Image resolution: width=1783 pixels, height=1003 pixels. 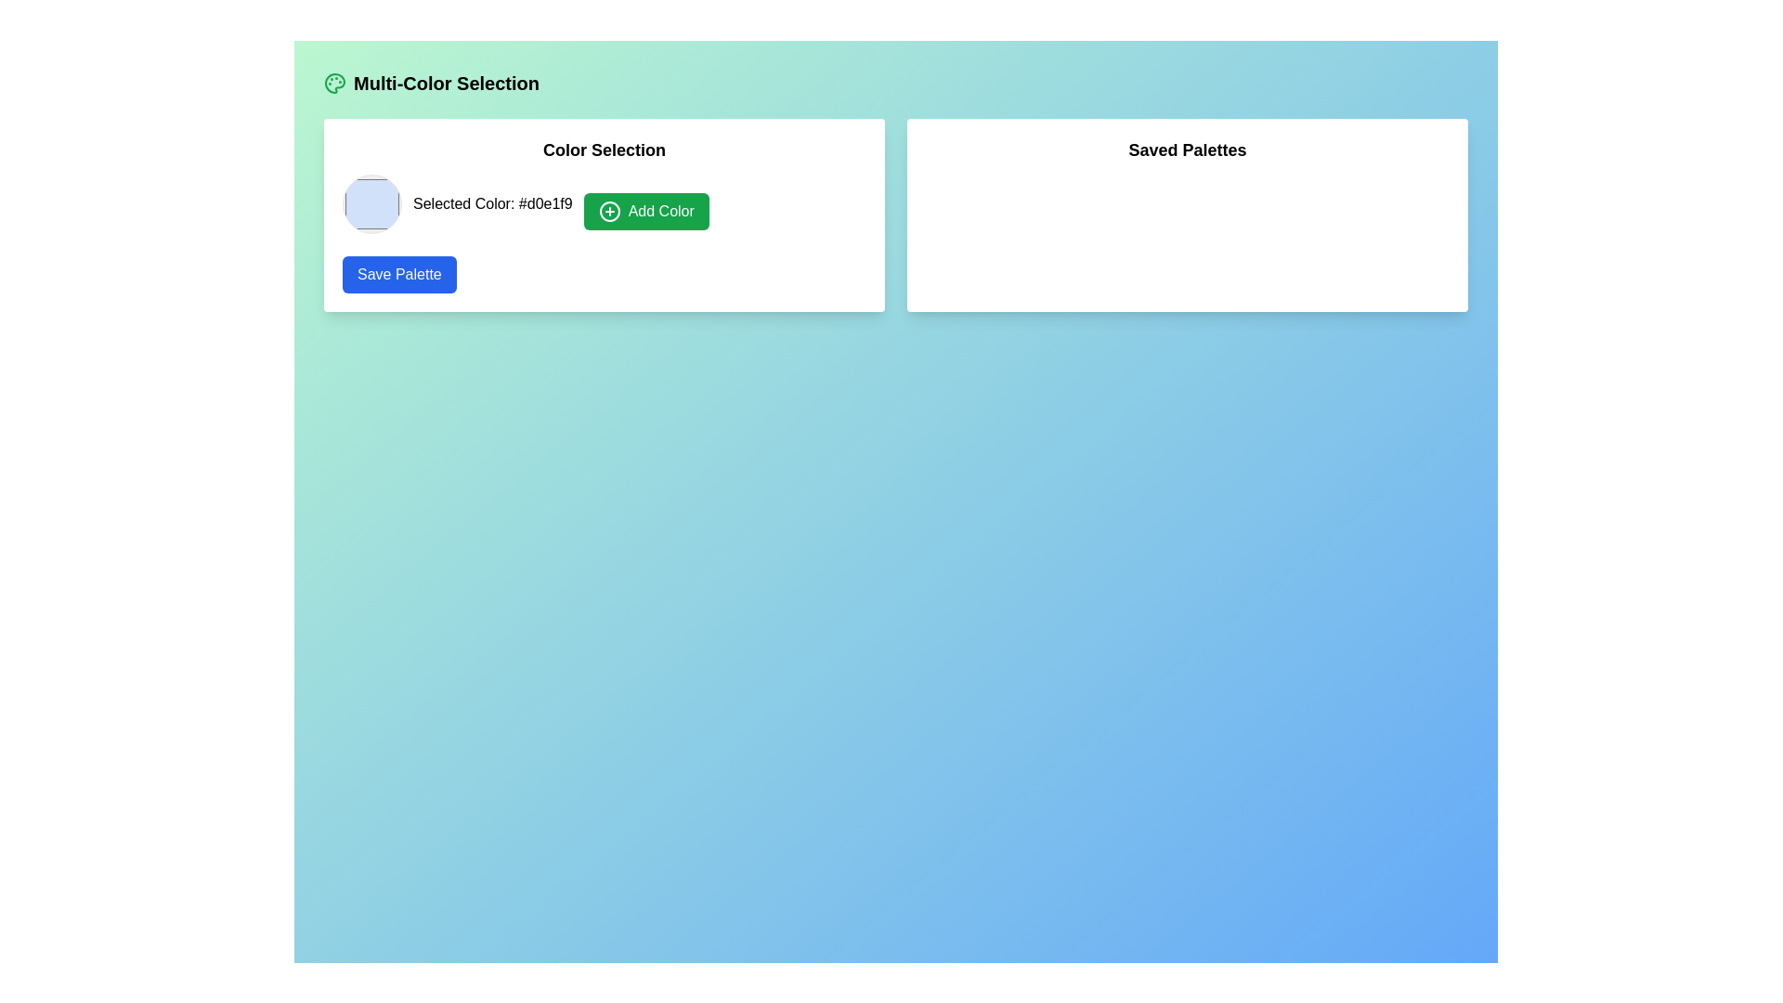 What do you see at coordinates (609, 210) in the screenshot?
I see `the SVG circle that is centrally located within the green 'Add Color' button in the 'Color Selection' section` at bounding box center [609, 210].